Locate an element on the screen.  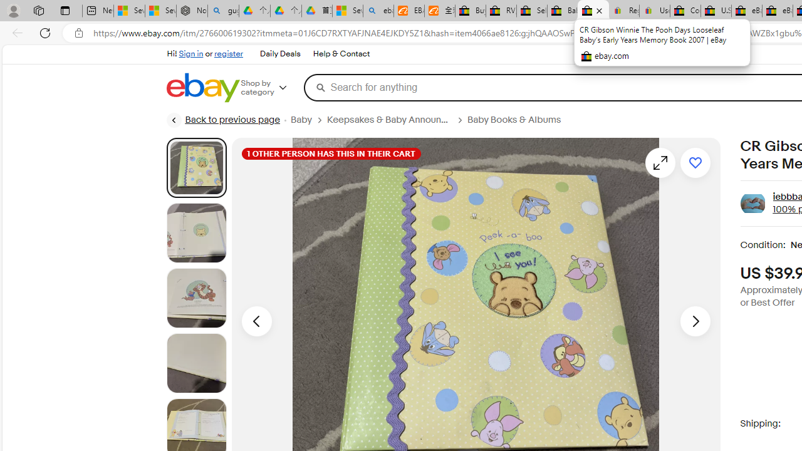
'Daily Deals' is located at coordinates (279, 54).